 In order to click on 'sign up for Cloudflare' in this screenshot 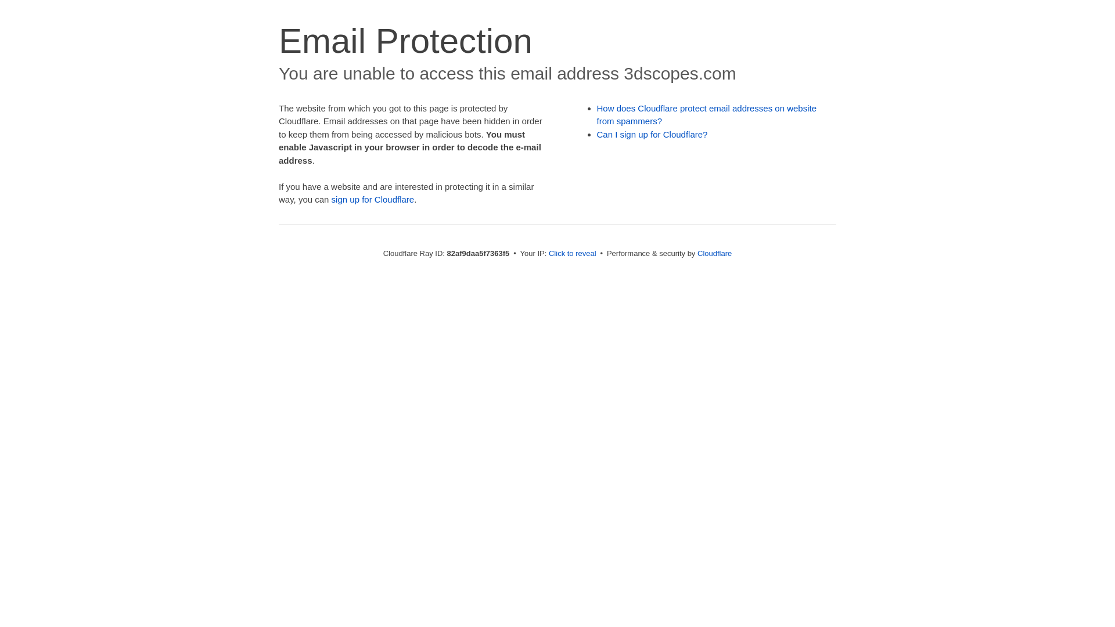, I will do `click(373, 199)`.